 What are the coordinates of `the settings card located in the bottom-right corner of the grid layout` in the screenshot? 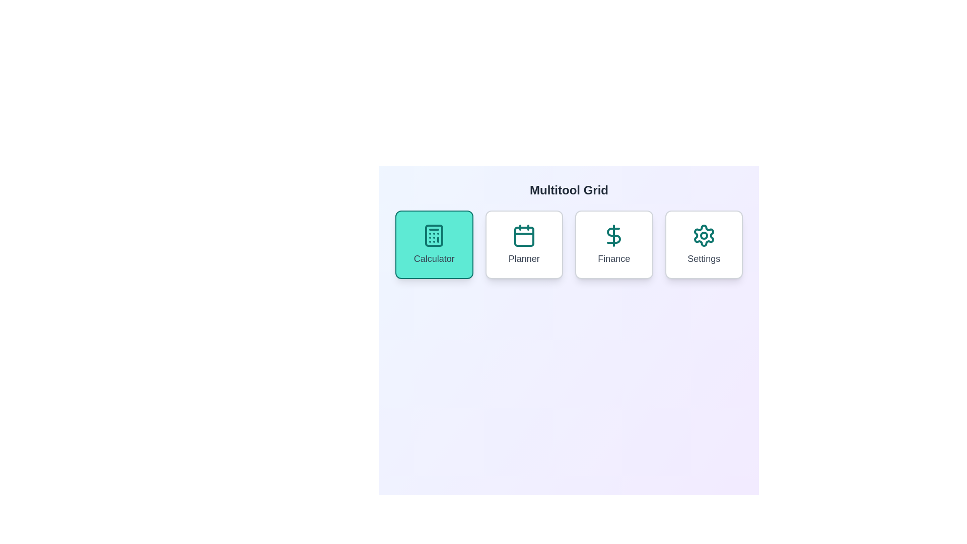 It's located at (703, 245).